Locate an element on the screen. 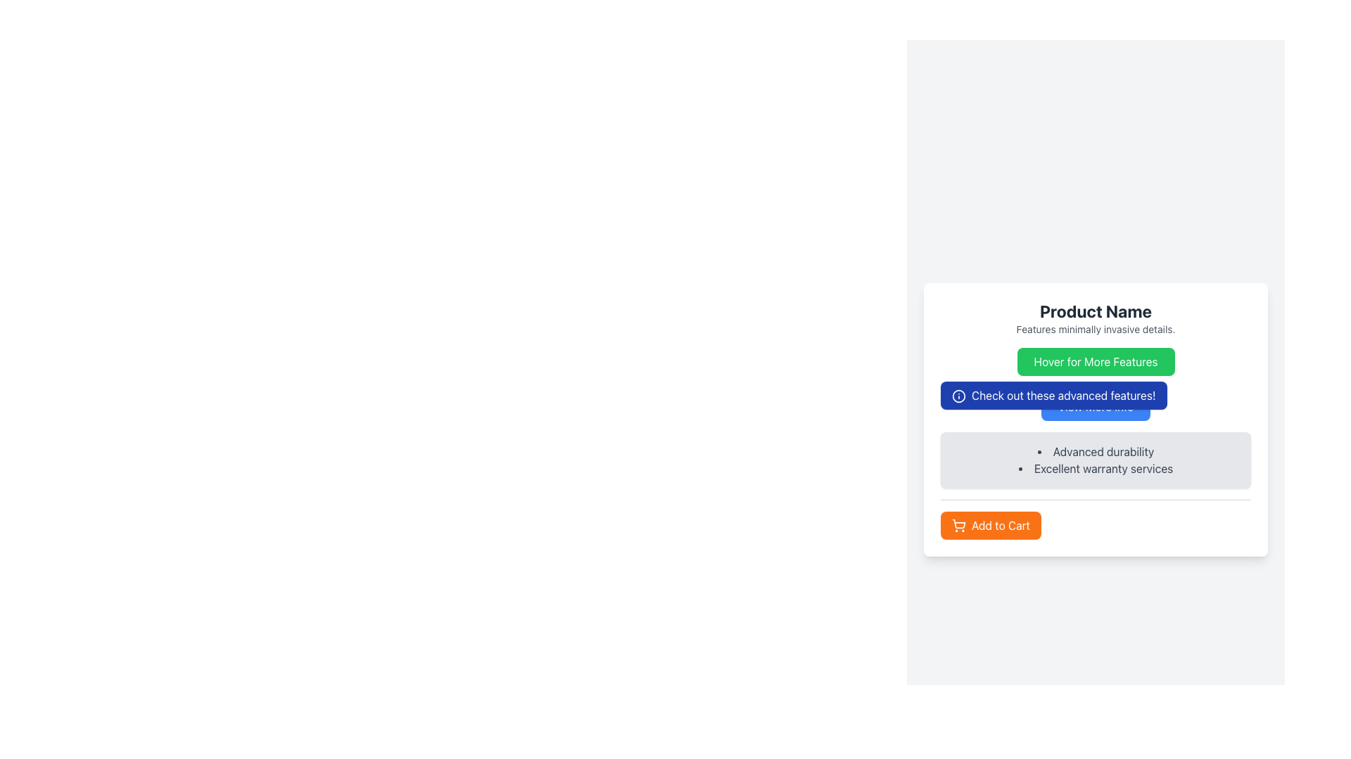 This screenshot has height=759, width=1351. the 'View More Info' button, which is a blue button with white text, located below another blue button in the card layout is located at coordinates (1095, 406).